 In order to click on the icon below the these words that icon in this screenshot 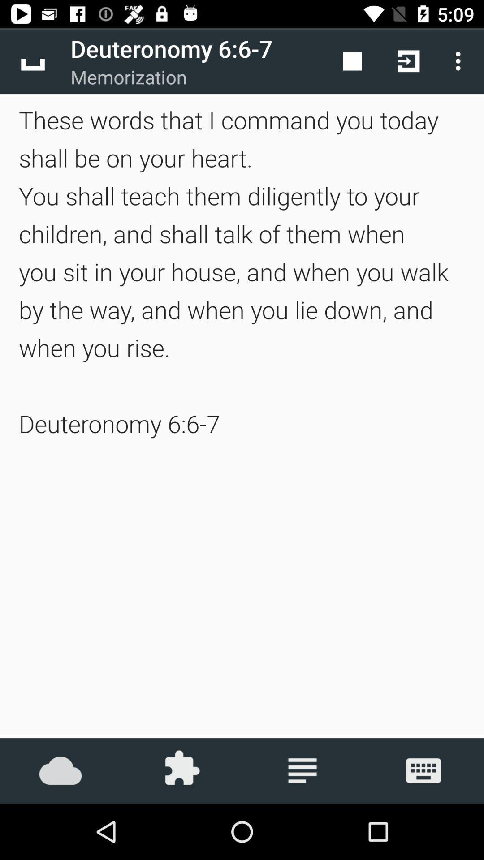, I will do `click(60, 770)`.